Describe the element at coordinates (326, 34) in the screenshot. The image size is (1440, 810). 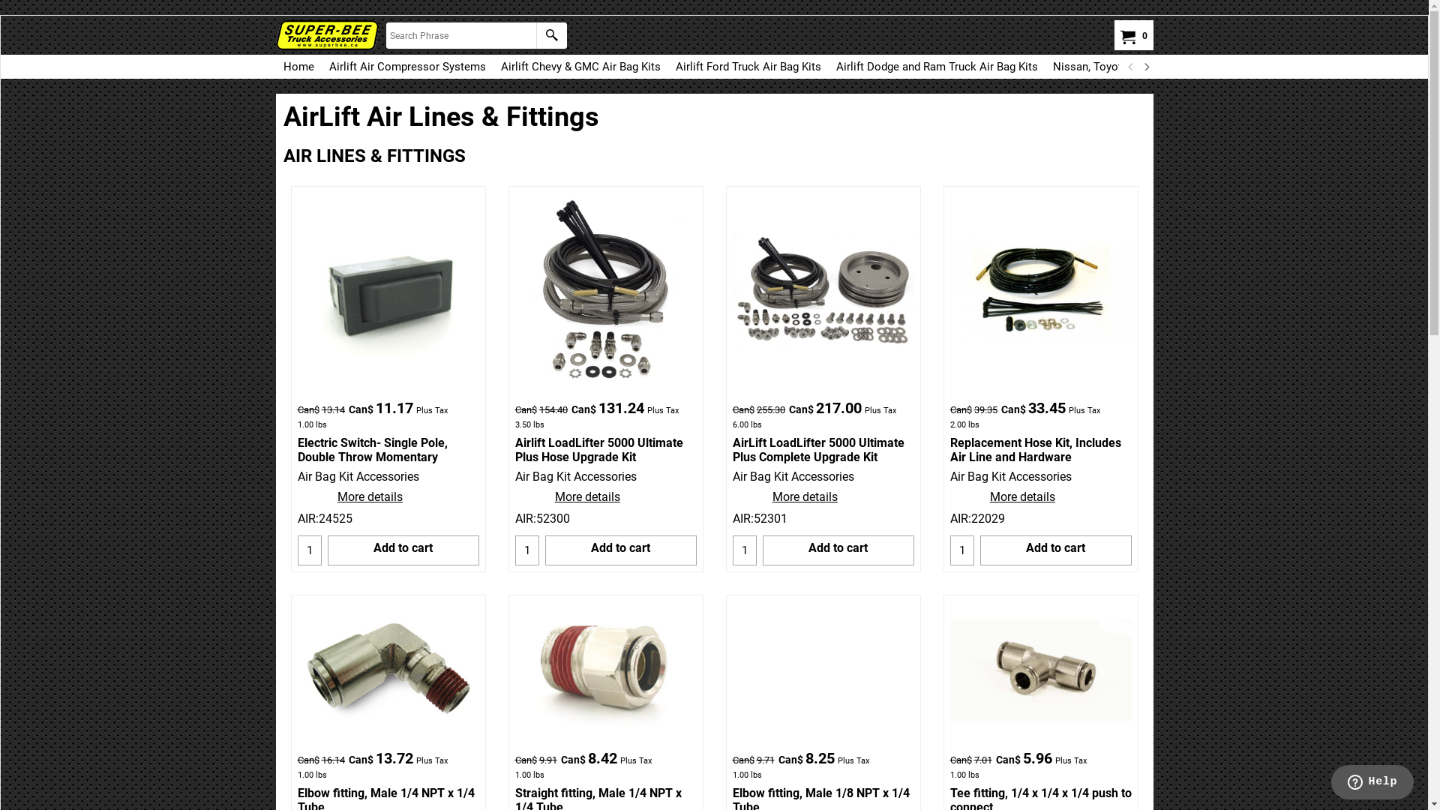
I see `'AirBagKits.ca'` at that location.